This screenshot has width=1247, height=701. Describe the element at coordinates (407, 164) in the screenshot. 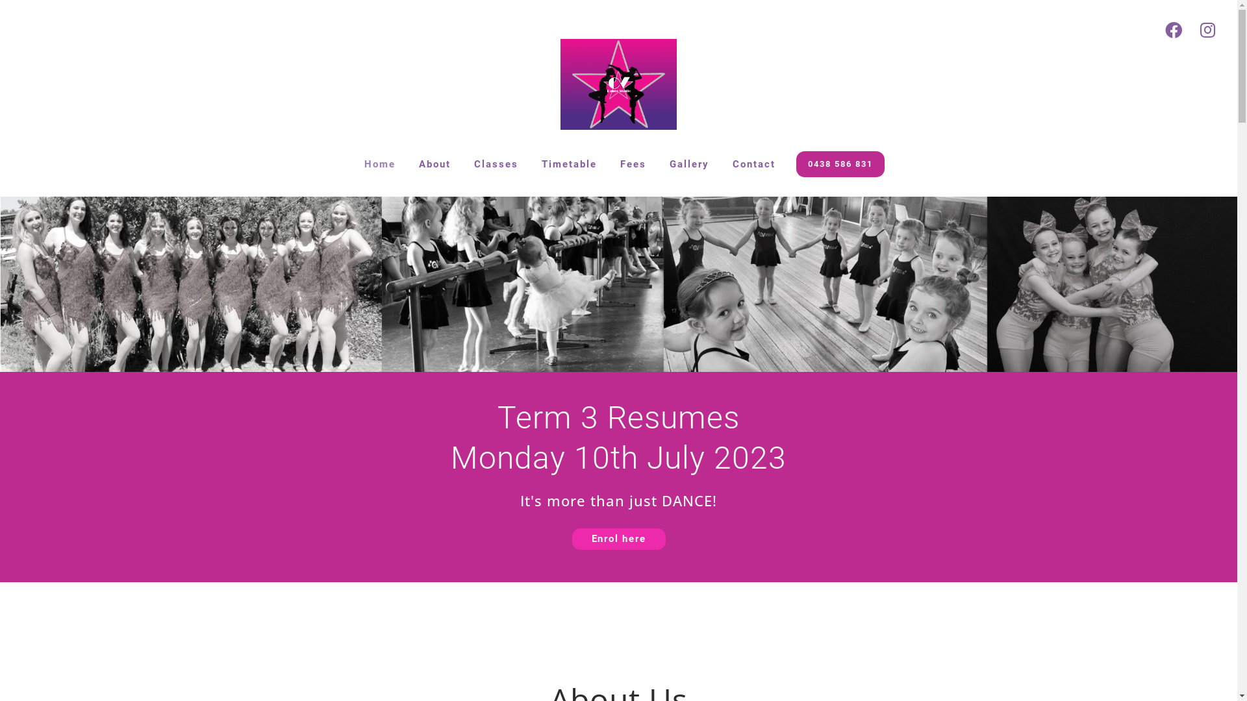

I see `'About'` at that location.